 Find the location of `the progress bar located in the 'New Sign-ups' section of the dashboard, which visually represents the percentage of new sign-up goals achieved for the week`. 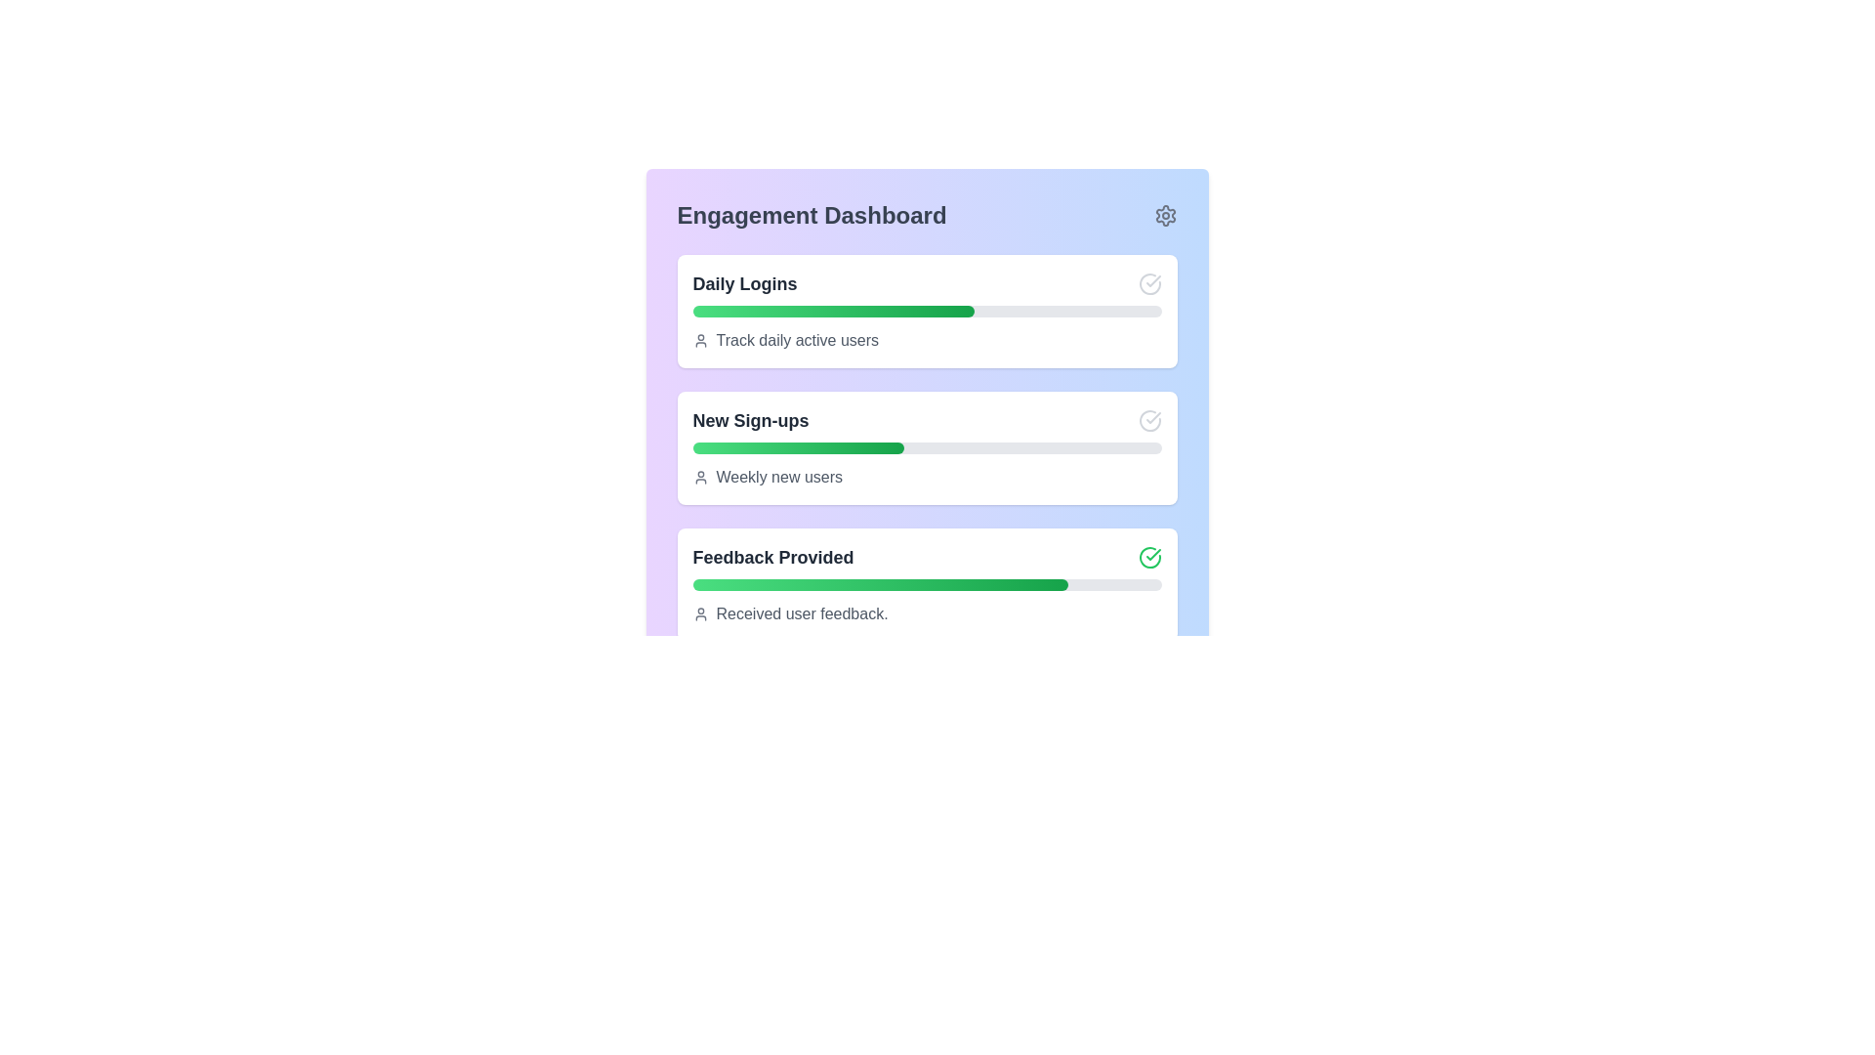

the progress bar located in the 'New Sign-ups' section of the dashboard, which visually represents the percentage of new sign-up goals achieved for the week is located at coordinates (926, 448).